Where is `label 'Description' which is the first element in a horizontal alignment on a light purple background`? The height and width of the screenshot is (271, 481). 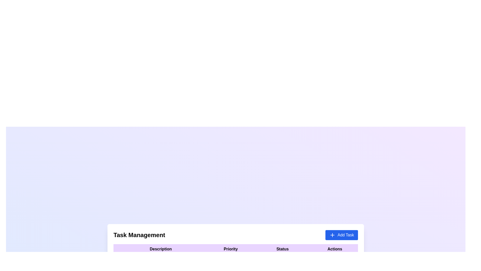
label 'Description' which is the first element in a horizontal alignment on a light purple background is located at coordinates (161, 249).